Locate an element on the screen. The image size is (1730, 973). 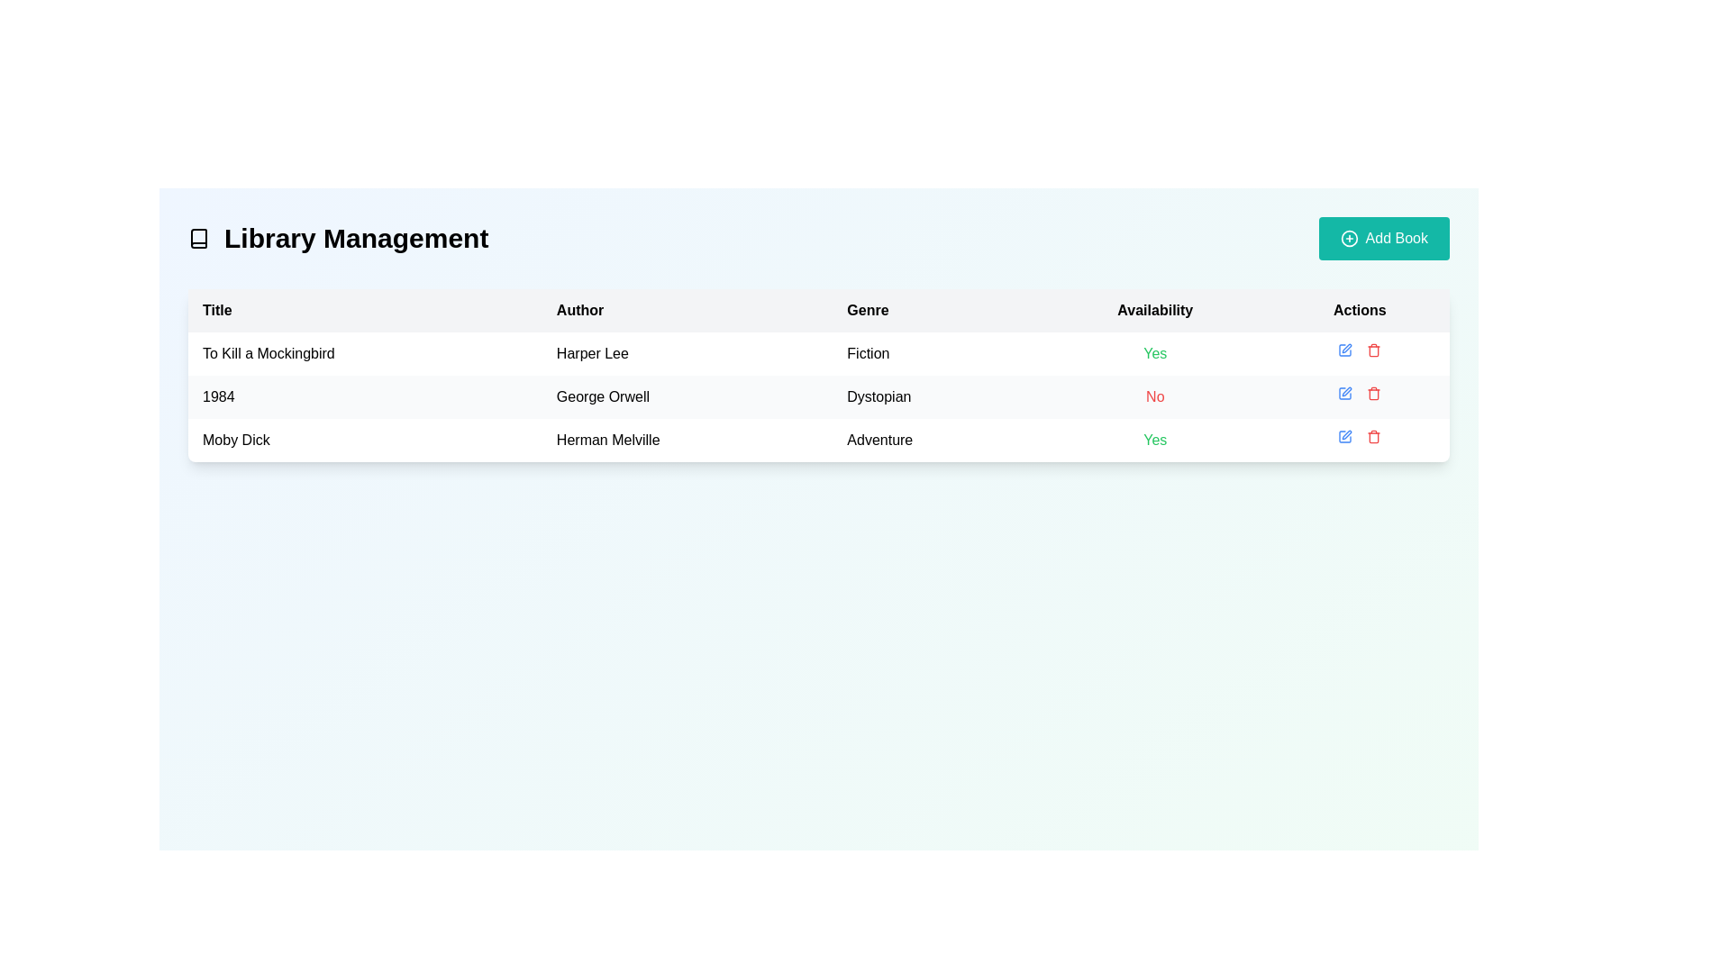
the Text Label displaying 'No' in red color, which is centered in the 'Availability' column of the table is located at coordinates (1155, 396).